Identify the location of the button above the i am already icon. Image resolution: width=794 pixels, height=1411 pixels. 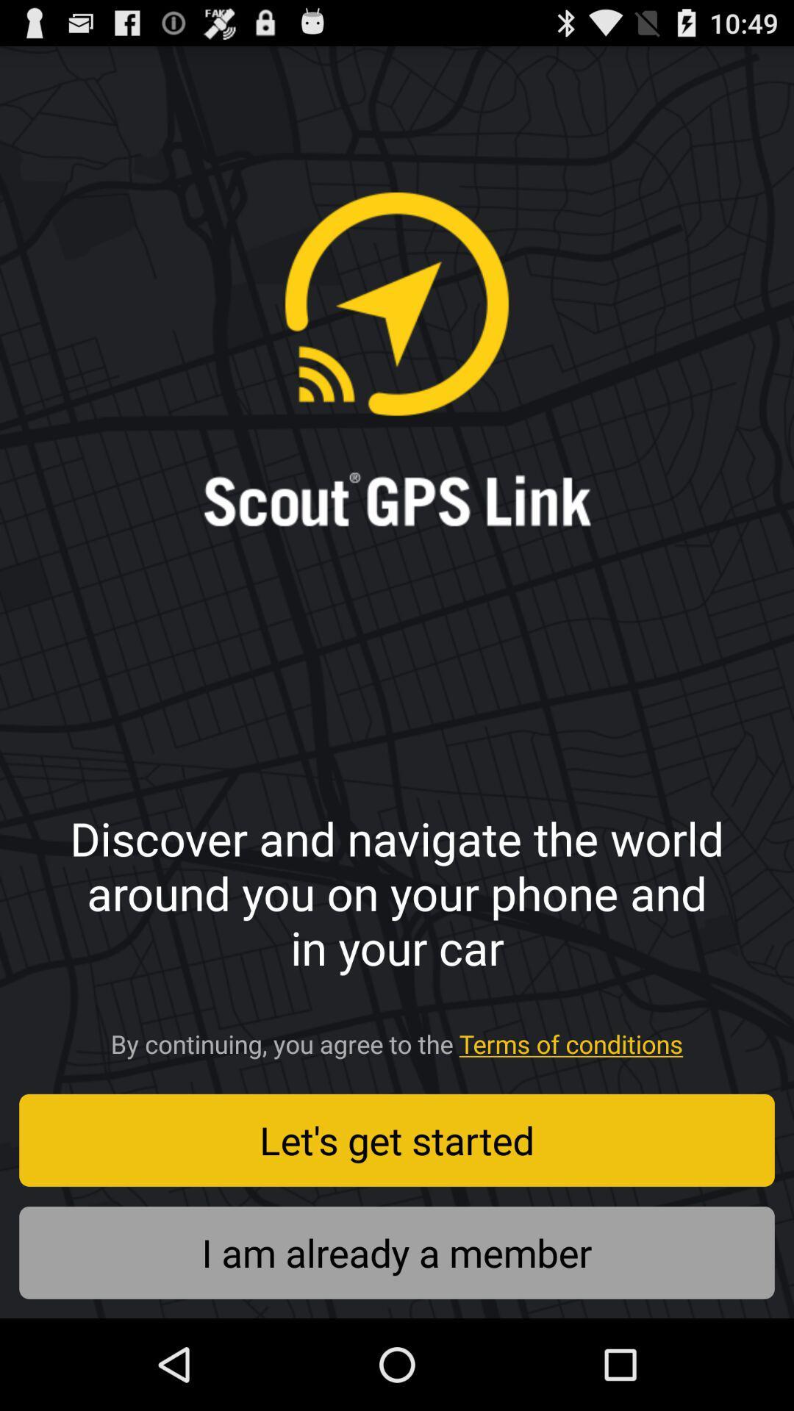
(397, 1139).